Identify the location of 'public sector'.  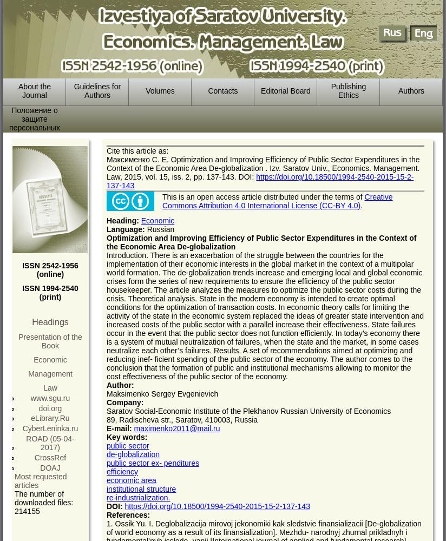
(127, 445).